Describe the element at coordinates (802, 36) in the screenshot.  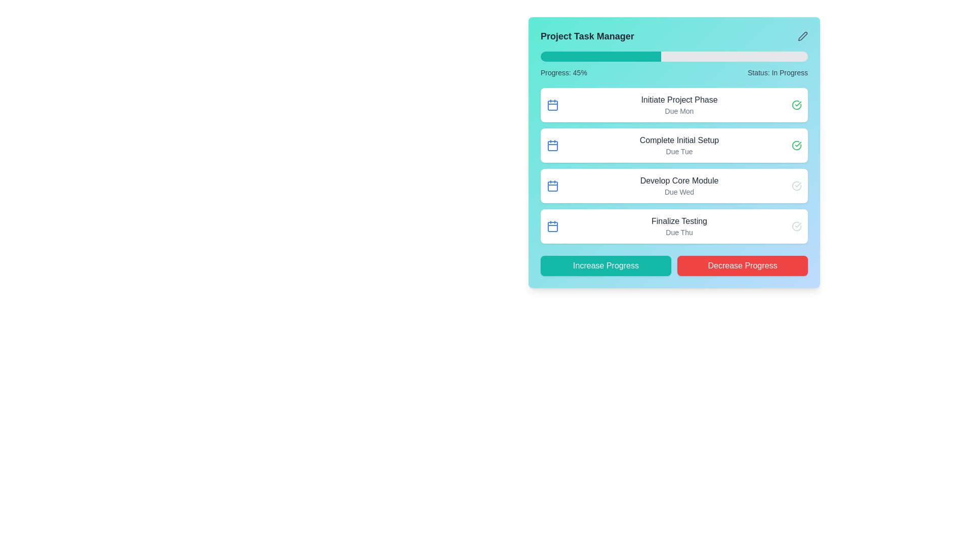
I see `the icon button located at the top-right corner of the 'Project Task Manager' section` at that location.